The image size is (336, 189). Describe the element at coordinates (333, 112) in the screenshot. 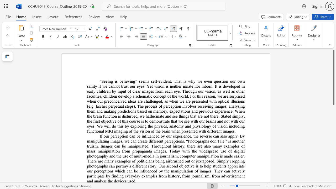

I see `the scrollbar to adjust the page downward` at that location.